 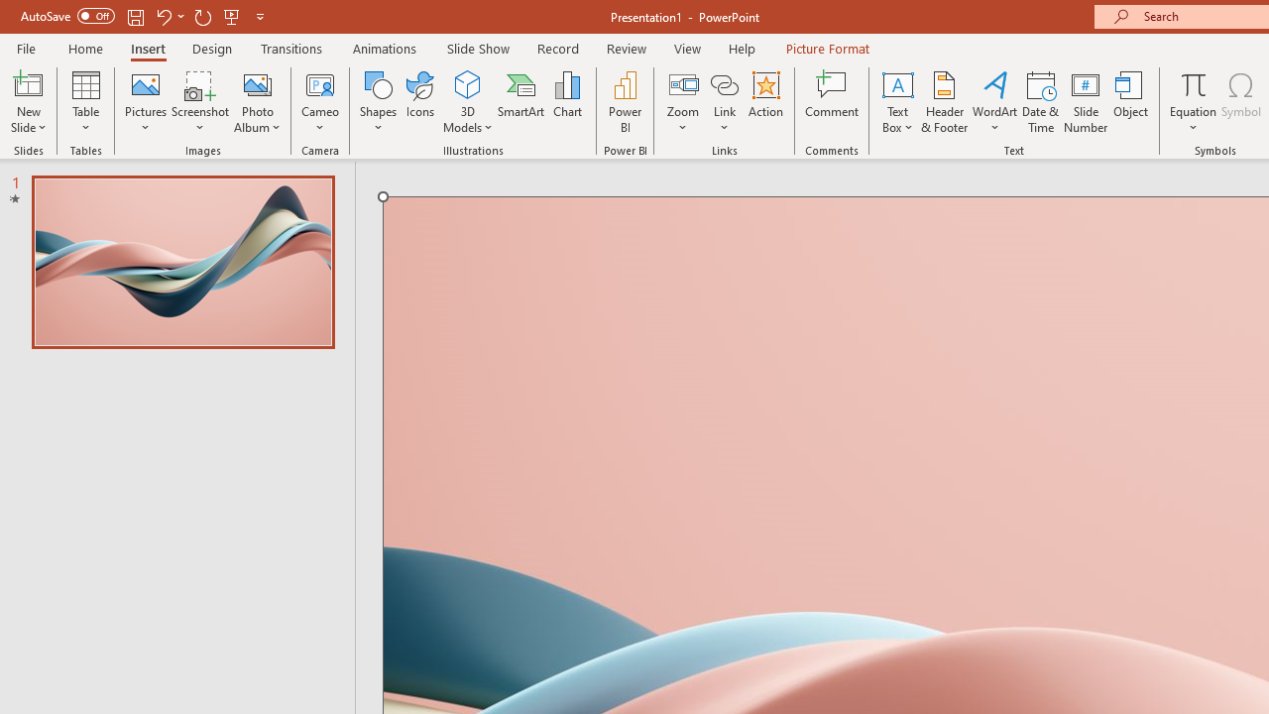 What do you see at coordinates (995, 102) in the screenshot?
I see `'WordArt'` at bounding box center [995, 102].